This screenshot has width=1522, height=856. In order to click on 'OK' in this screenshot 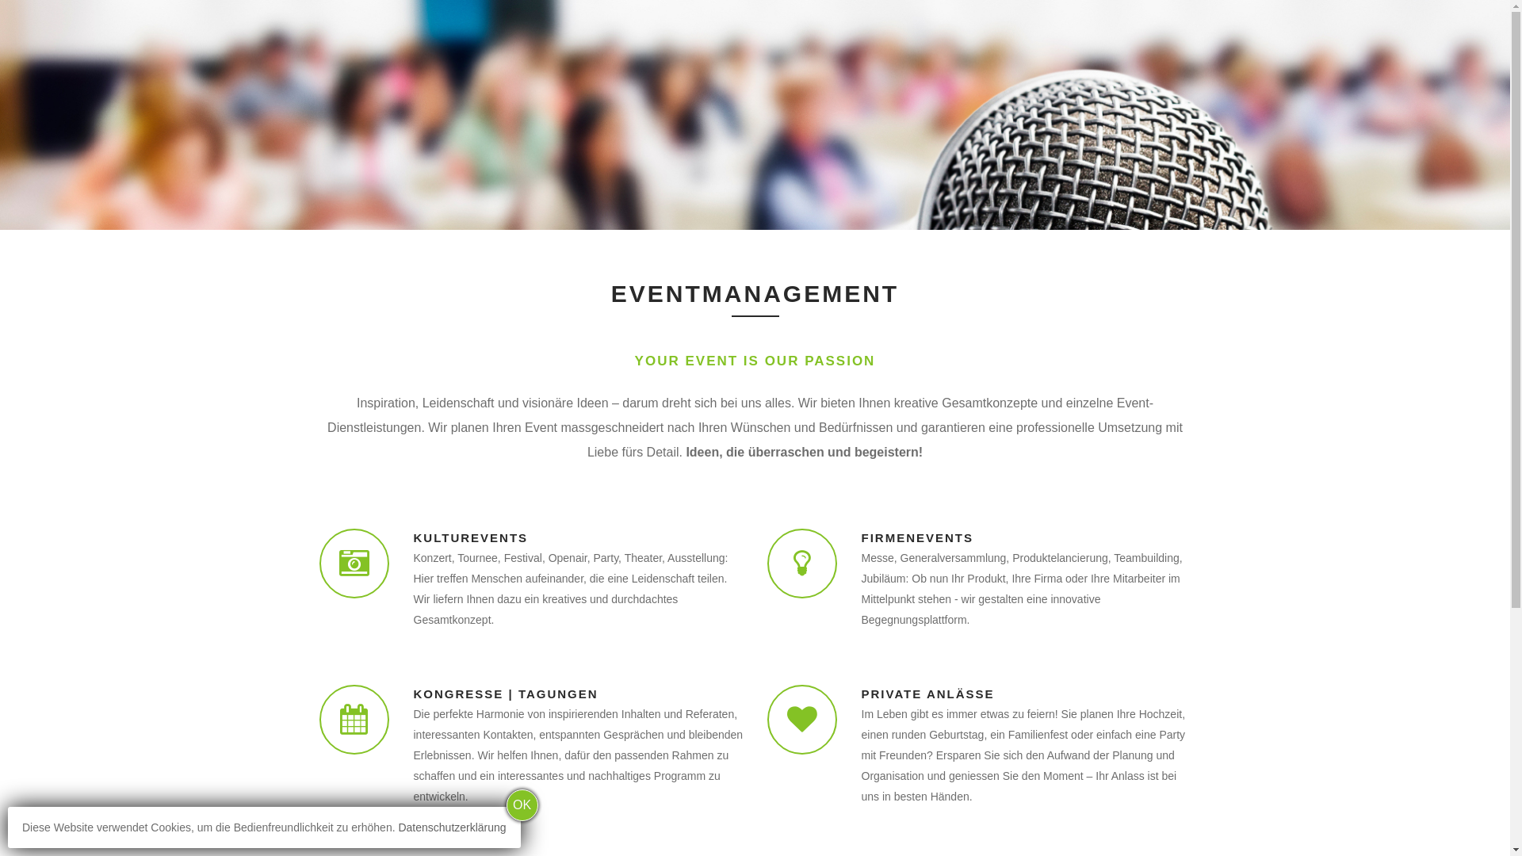, I will do `click(522, 804)`.